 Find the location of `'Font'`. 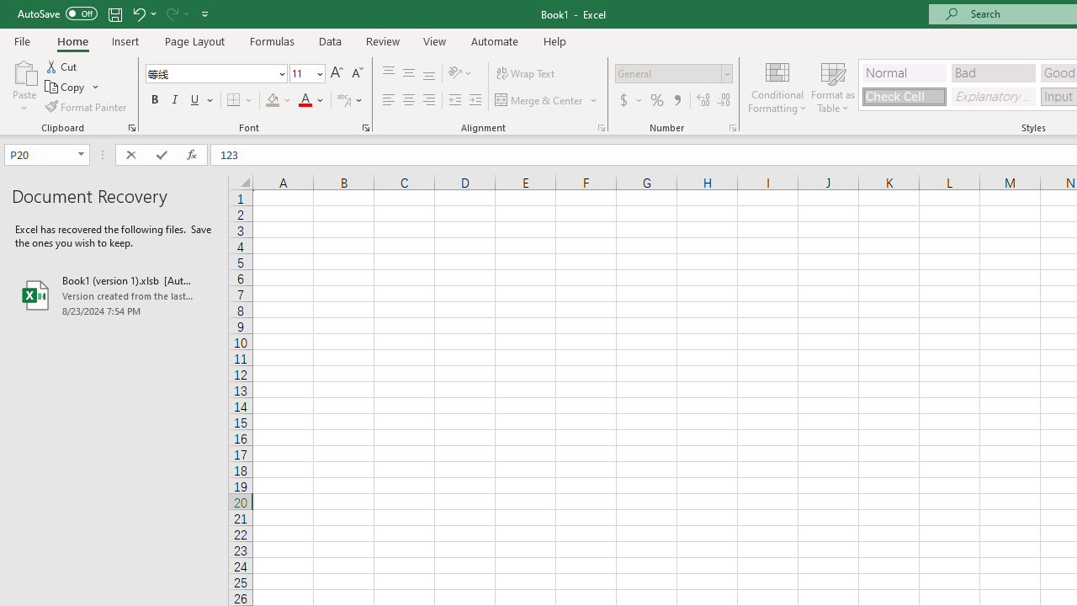

'Font' is located at coordinates (210, 72).